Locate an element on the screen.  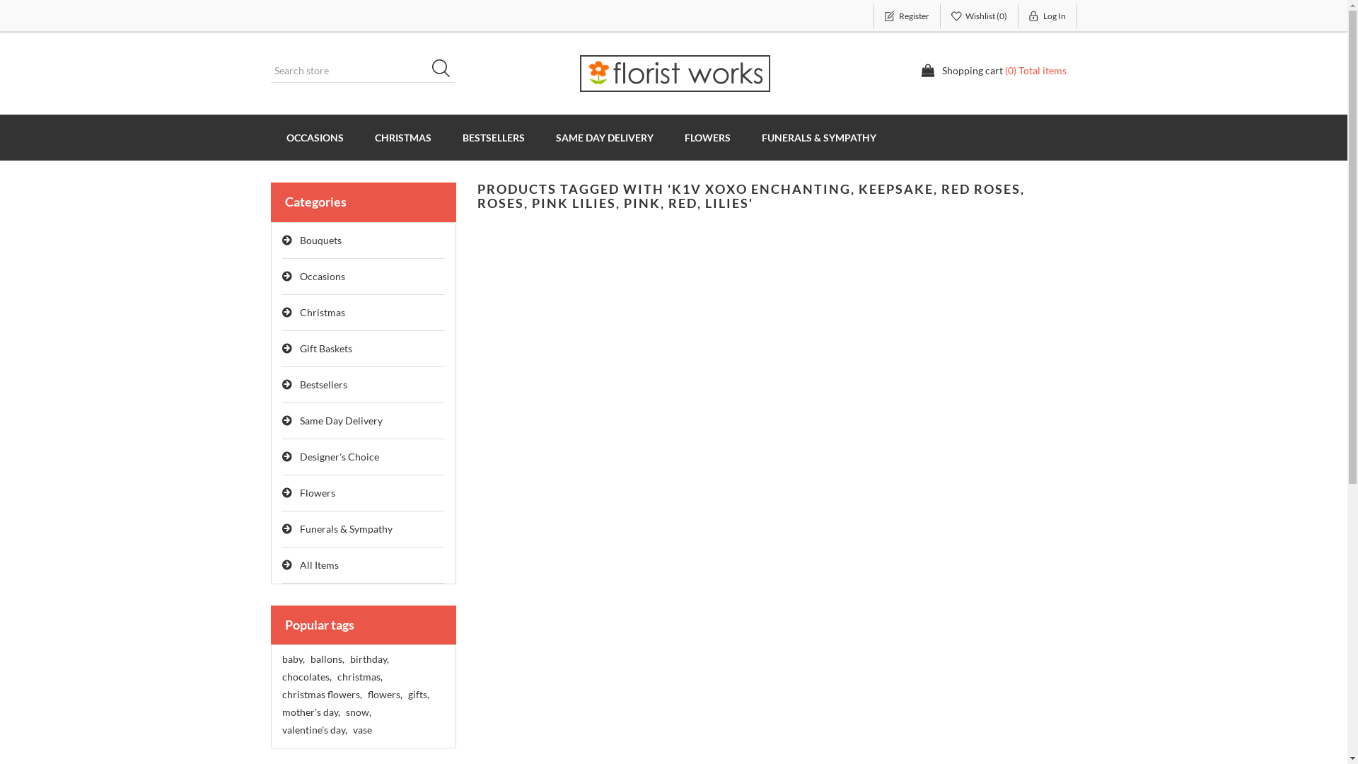
'mother's day,' is located at coordinates (309, 712).